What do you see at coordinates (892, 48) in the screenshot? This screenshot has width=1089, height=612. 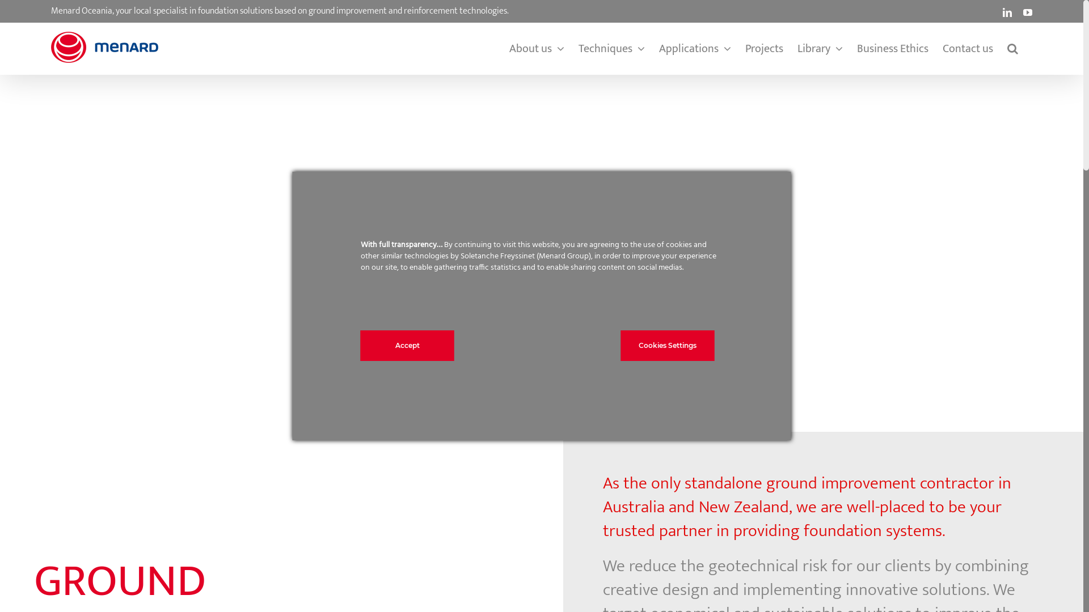 I see `'Business Ethics'` at bounding box center [892, 48].